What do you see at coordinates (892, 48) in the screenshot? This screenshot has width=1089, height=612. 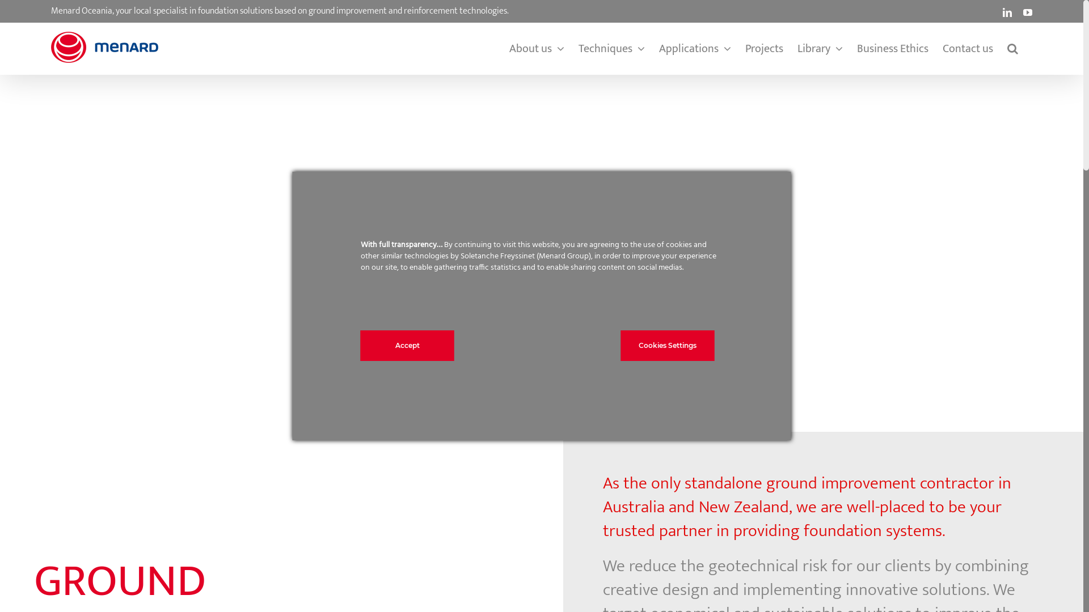 I see `'Business Ethics'` at bounding box center [892, 48].